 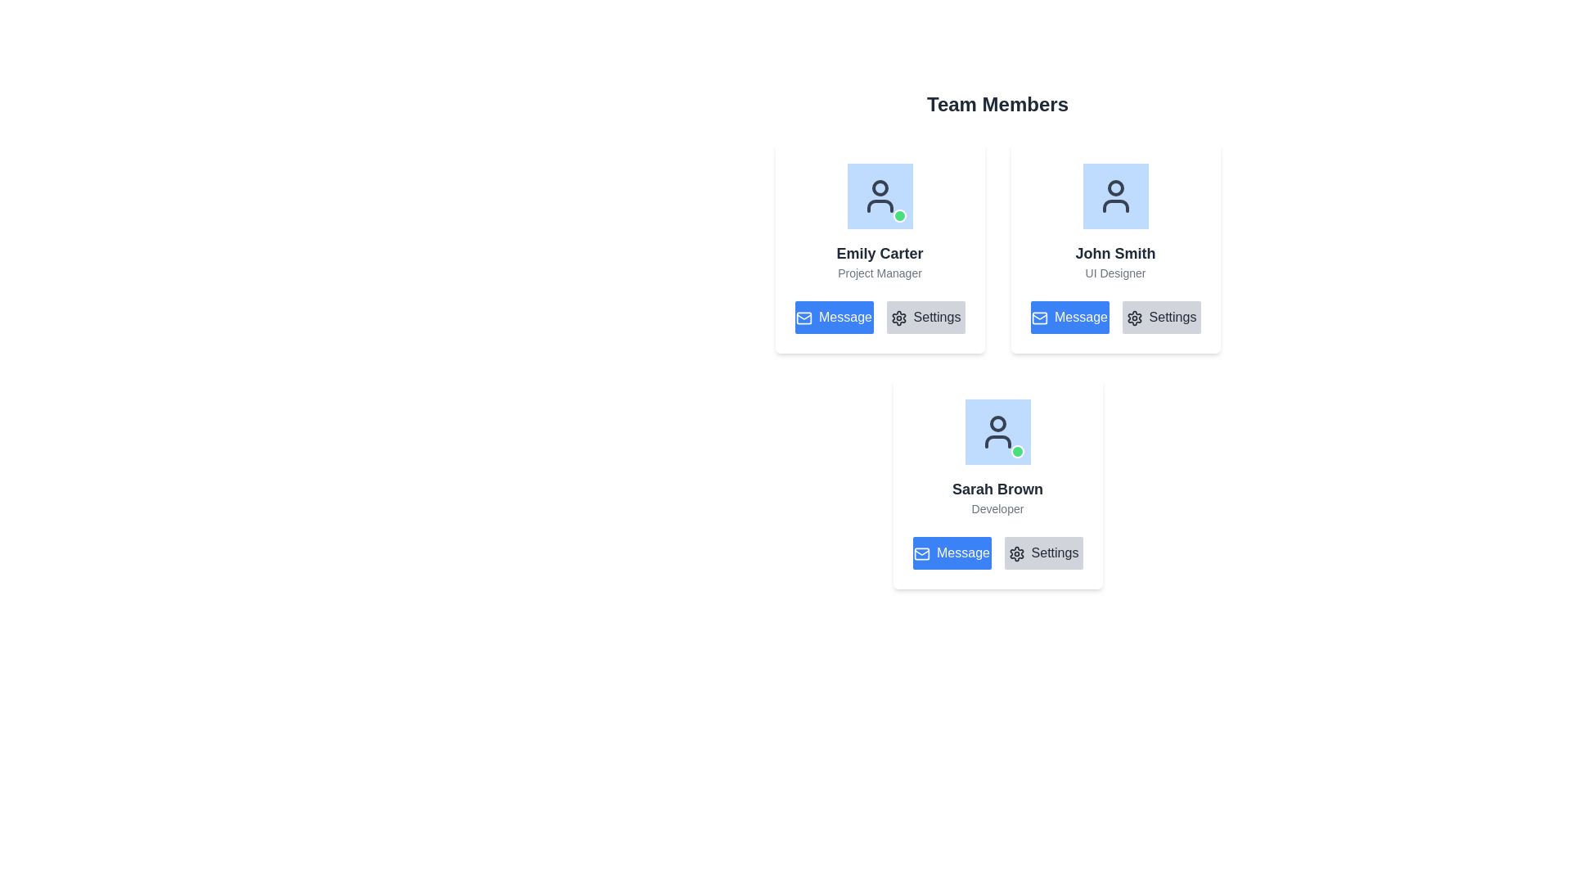 I want to click on the 'Settings' button, which is a rectangular button with a light gray background and a gear icon, placed below the 'Sarah Brown' profile block and to the right of the 'Message' button, so click(x=1042, y=552).